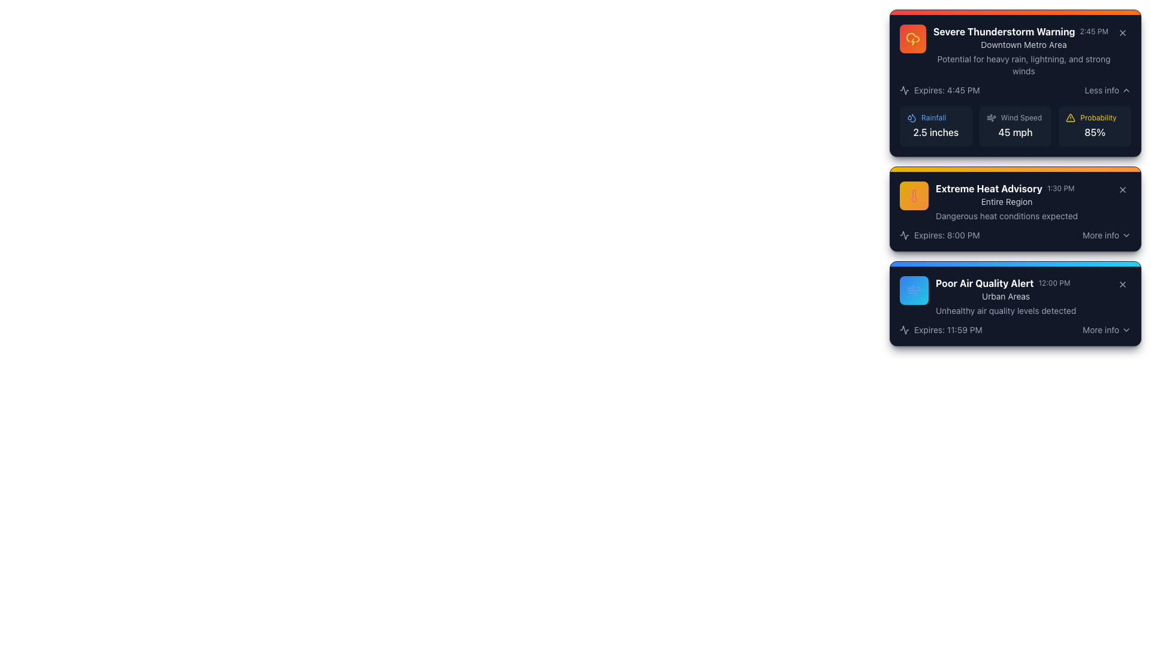  What do you see at coordinates (914, 195) in the screenshot?
I see `the heat icon within the orange-yellow rounded circle on the 'Extreme Heat Advisory' notification card` at bounding box center [914, 195].